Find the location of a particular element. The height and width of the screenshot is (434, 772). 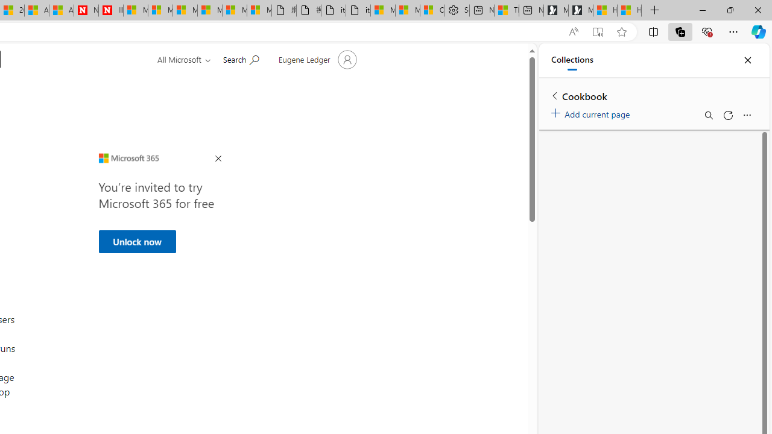

'Close Ad' is located at coordinates (218, 159).